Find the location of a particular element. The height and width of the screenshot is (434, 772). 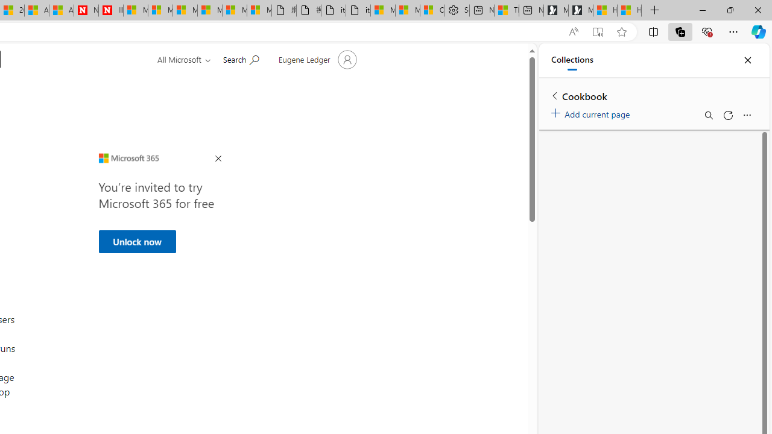

'Close Ad' is located at coordinates (218, 159).